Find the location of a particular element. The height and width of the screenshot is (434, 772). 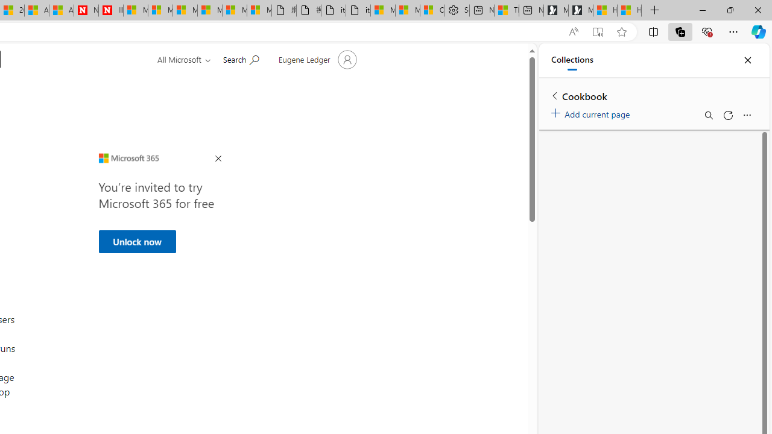

'Close Ad' is located at coordinates (218, 159).